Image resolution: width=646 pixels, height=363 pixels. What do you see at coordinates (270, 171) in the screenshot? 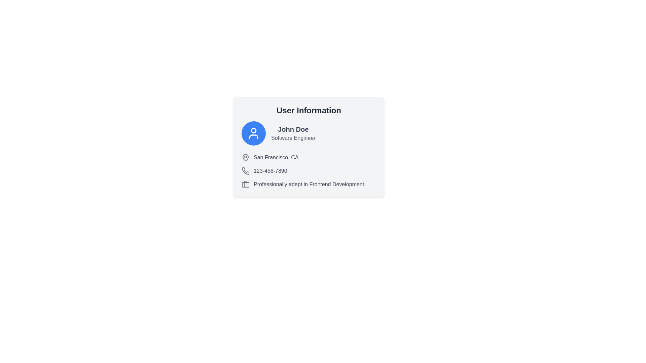
I see `the static text label displaying the phone number '123-456-7890' located next to the phone icon in the contact information section of the card` at bounding box center [270, 171].